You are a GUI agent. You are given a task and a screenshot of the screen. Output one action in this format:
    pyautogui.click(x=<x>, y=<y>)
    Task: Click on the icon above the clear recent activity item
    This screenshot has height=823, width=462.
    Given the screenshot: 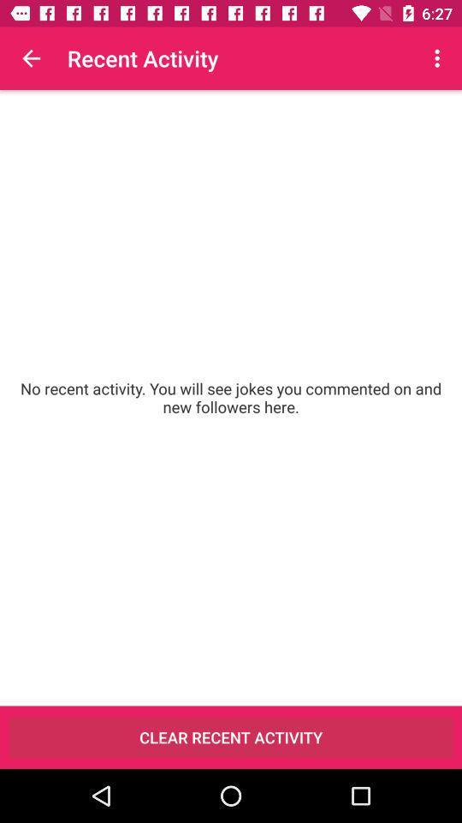 What is the action you would take?
    pyautogui.click(x=231, y=398)
    